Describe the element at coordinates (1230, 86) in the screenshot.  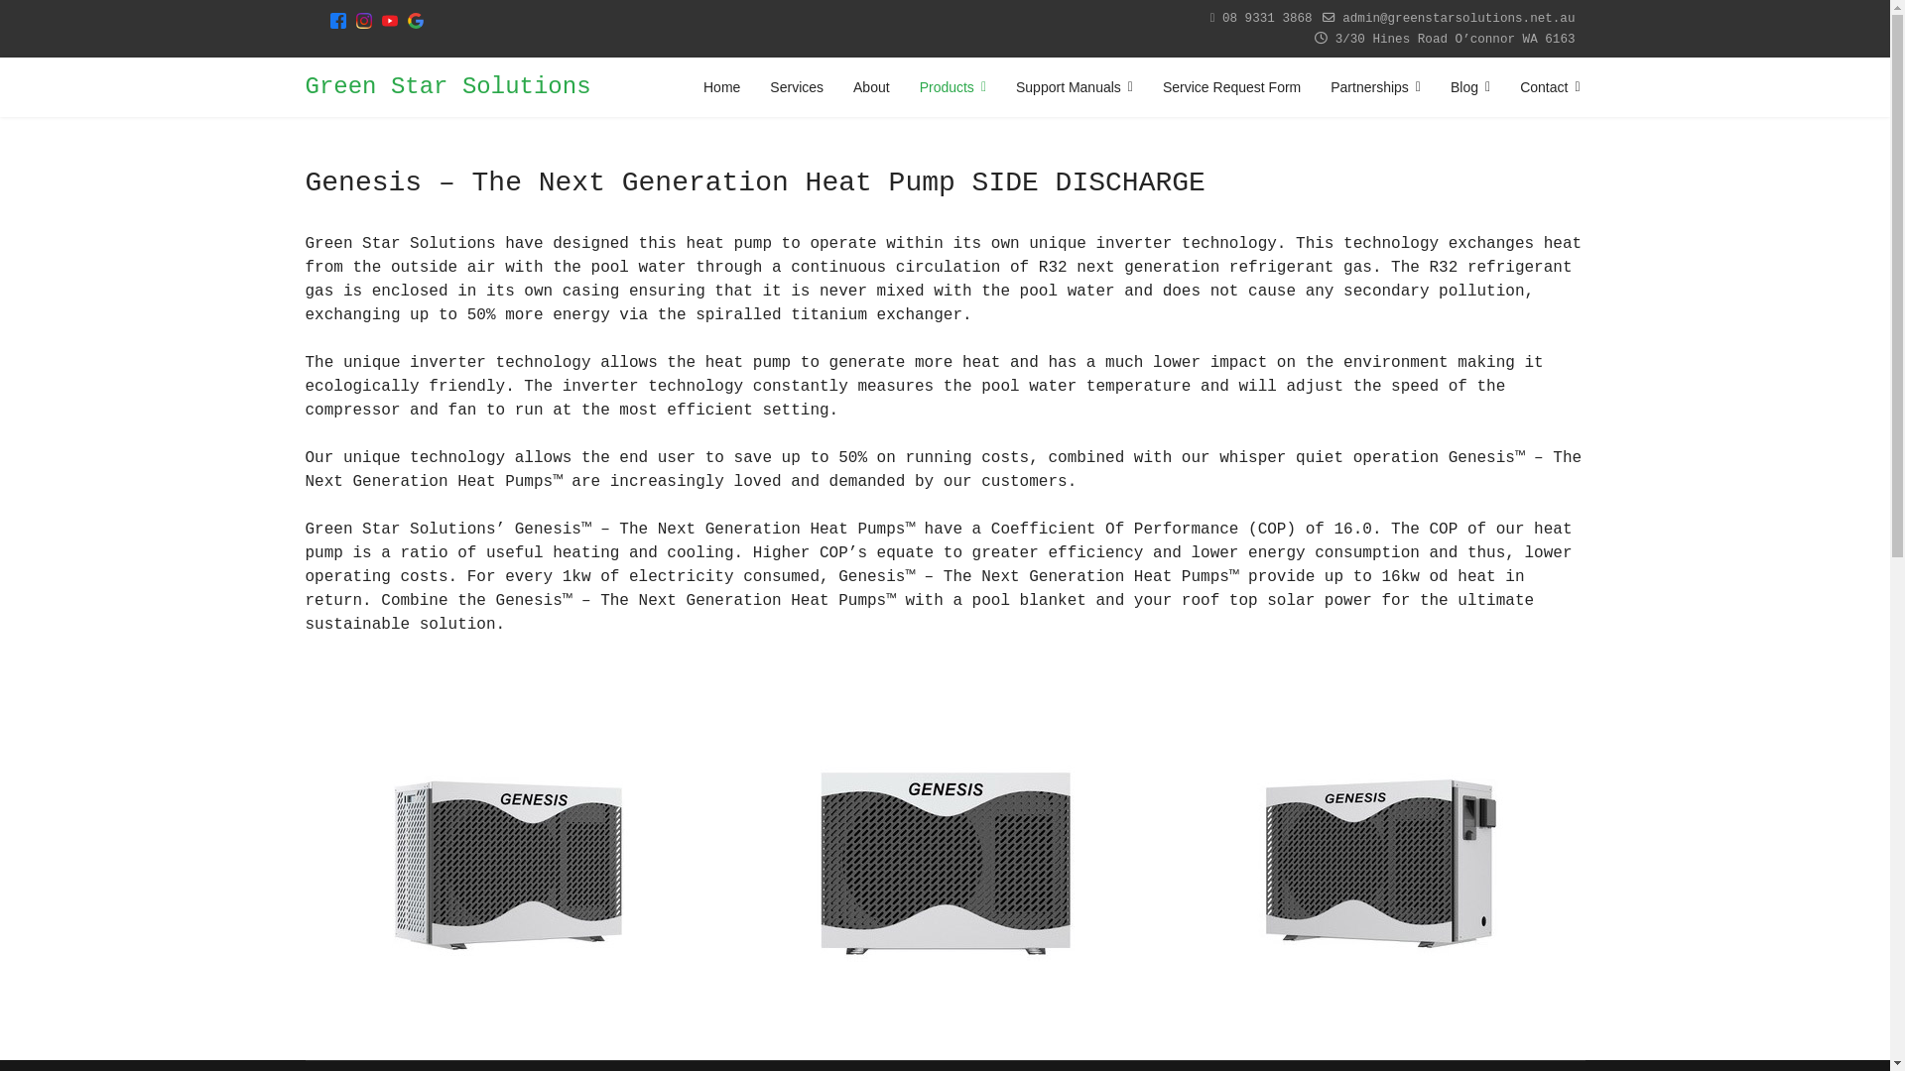
I see `'Service Request Form'` at that location.